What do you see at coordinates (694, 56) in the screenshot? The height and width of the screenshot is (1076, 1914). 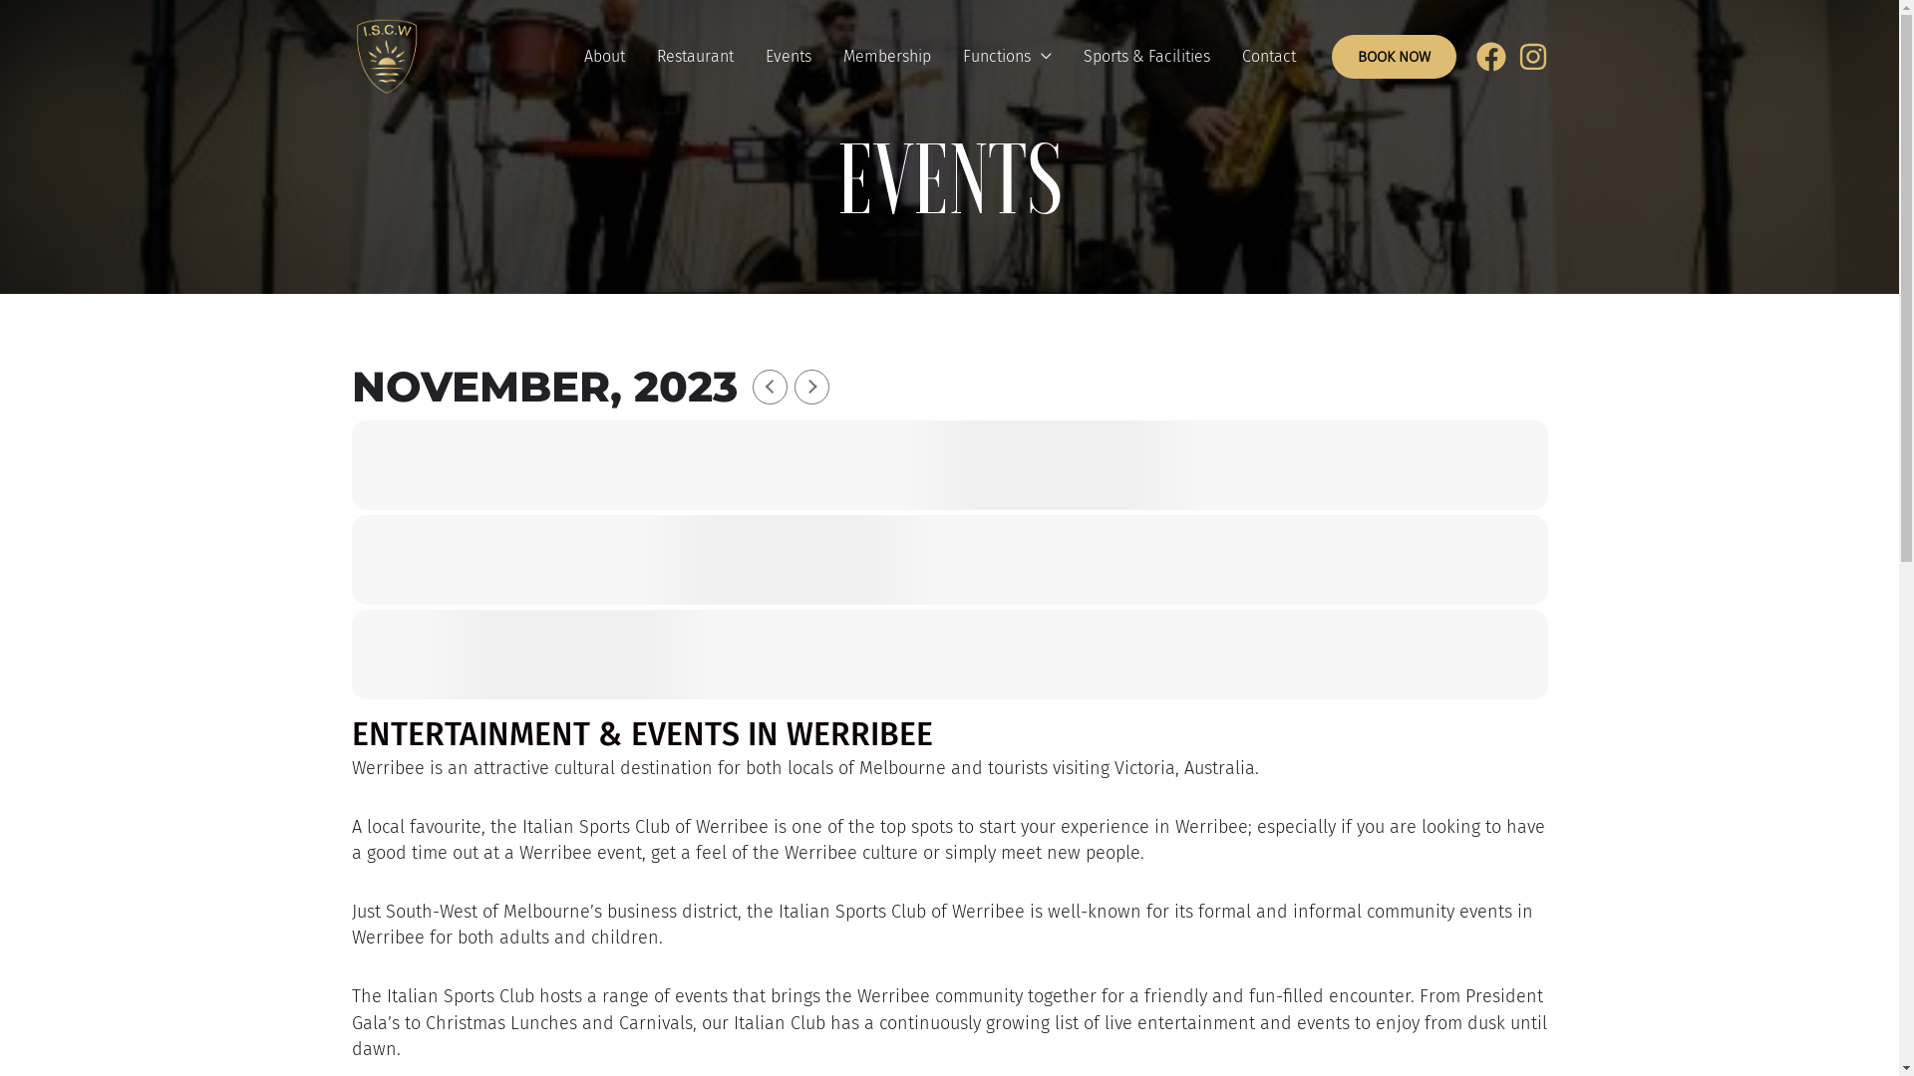 I see `'Restaurant'` at bounding box center [694, 56].